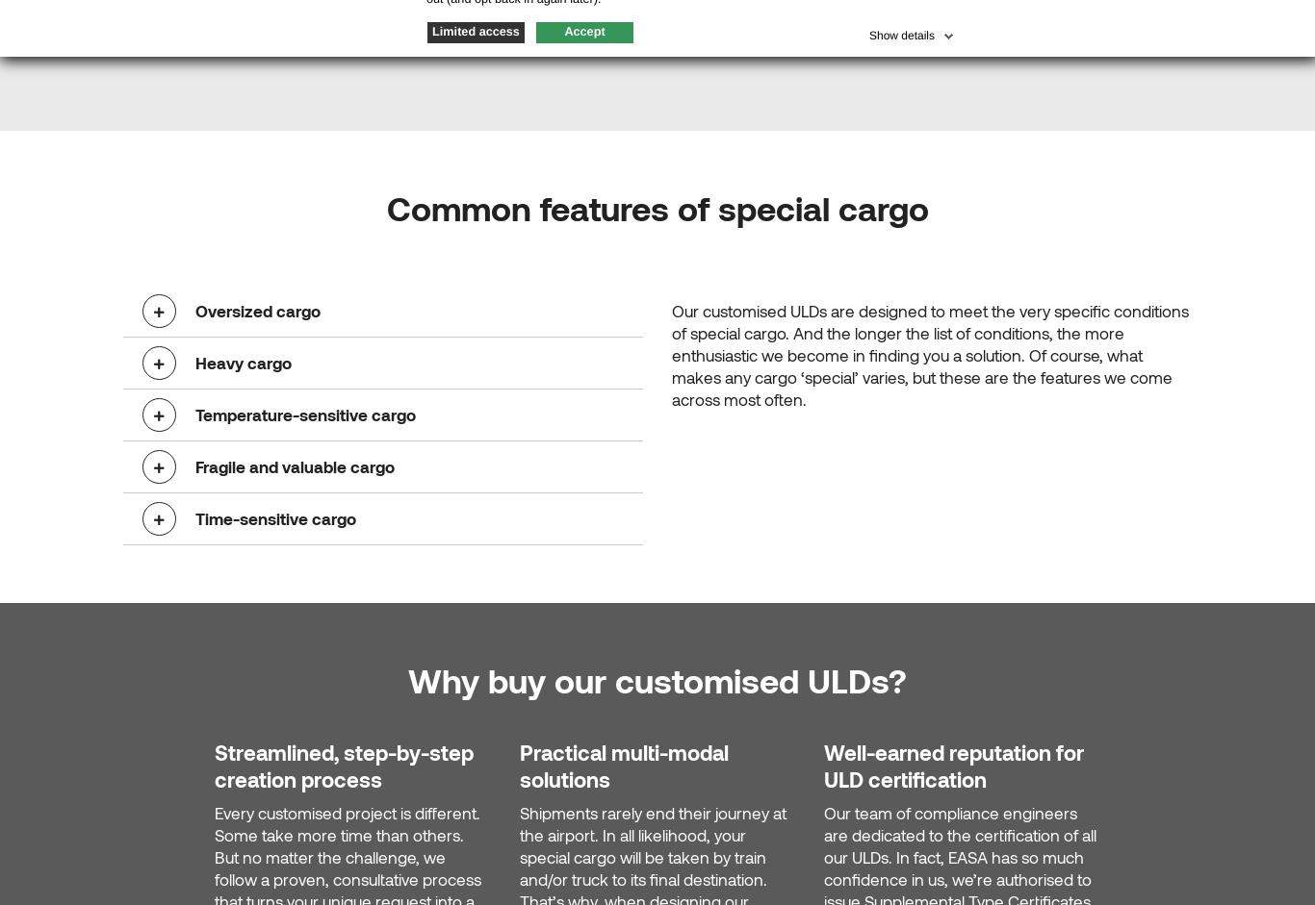  What do you see at coordinates (193, 414) in the screenshot?
I see `'Temperature-sensitive cargo'` at bounding box center [193, 414].